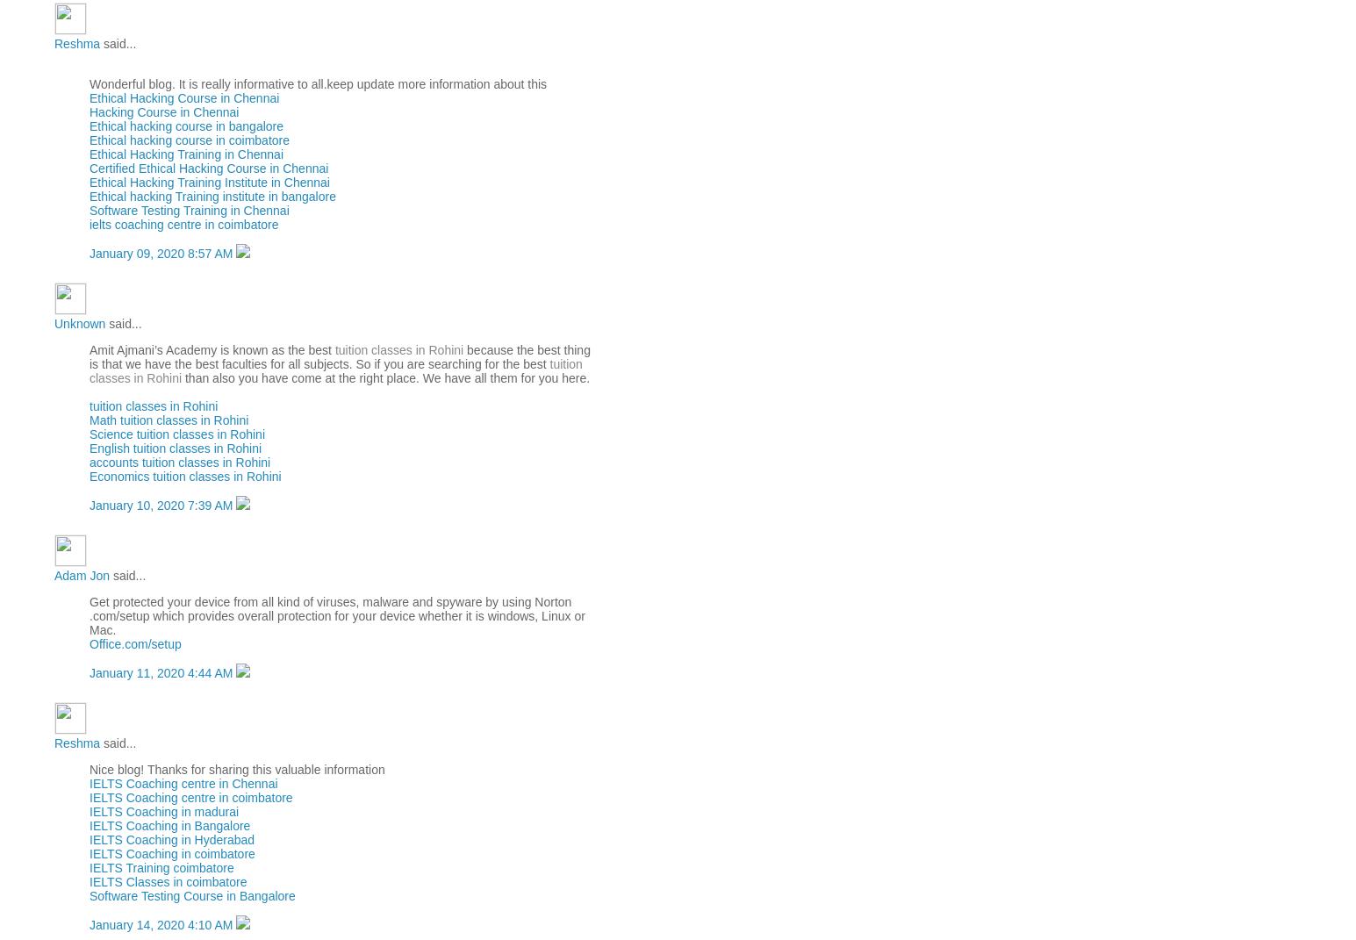  What do you see at coordinates (339, 356) in the screenshot?
I see `'because the best thing is that we have the best faculties for all subjects. So if you are searching for the best'` at bounding box center [339, 356].